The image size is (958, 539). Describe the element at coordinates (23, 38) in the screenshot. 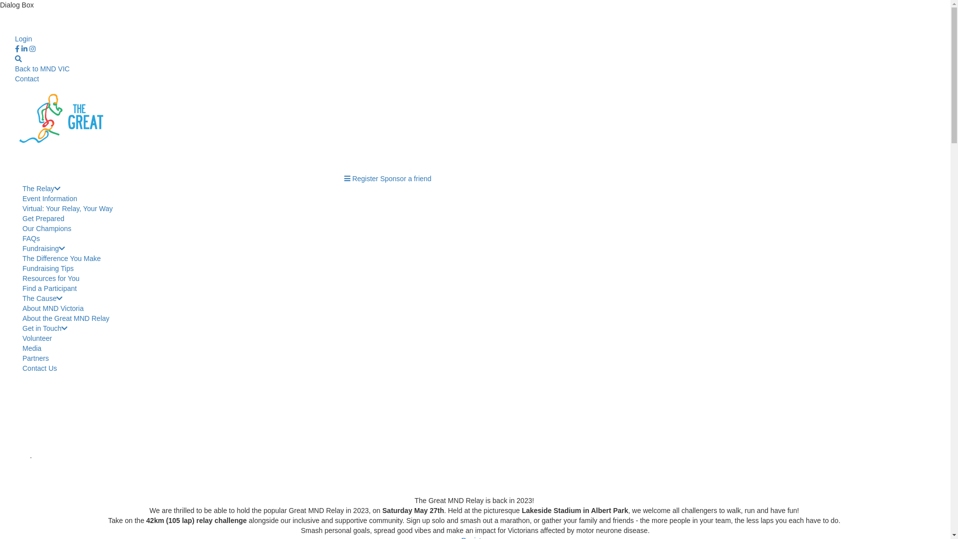

I see `'Login'` at that location.